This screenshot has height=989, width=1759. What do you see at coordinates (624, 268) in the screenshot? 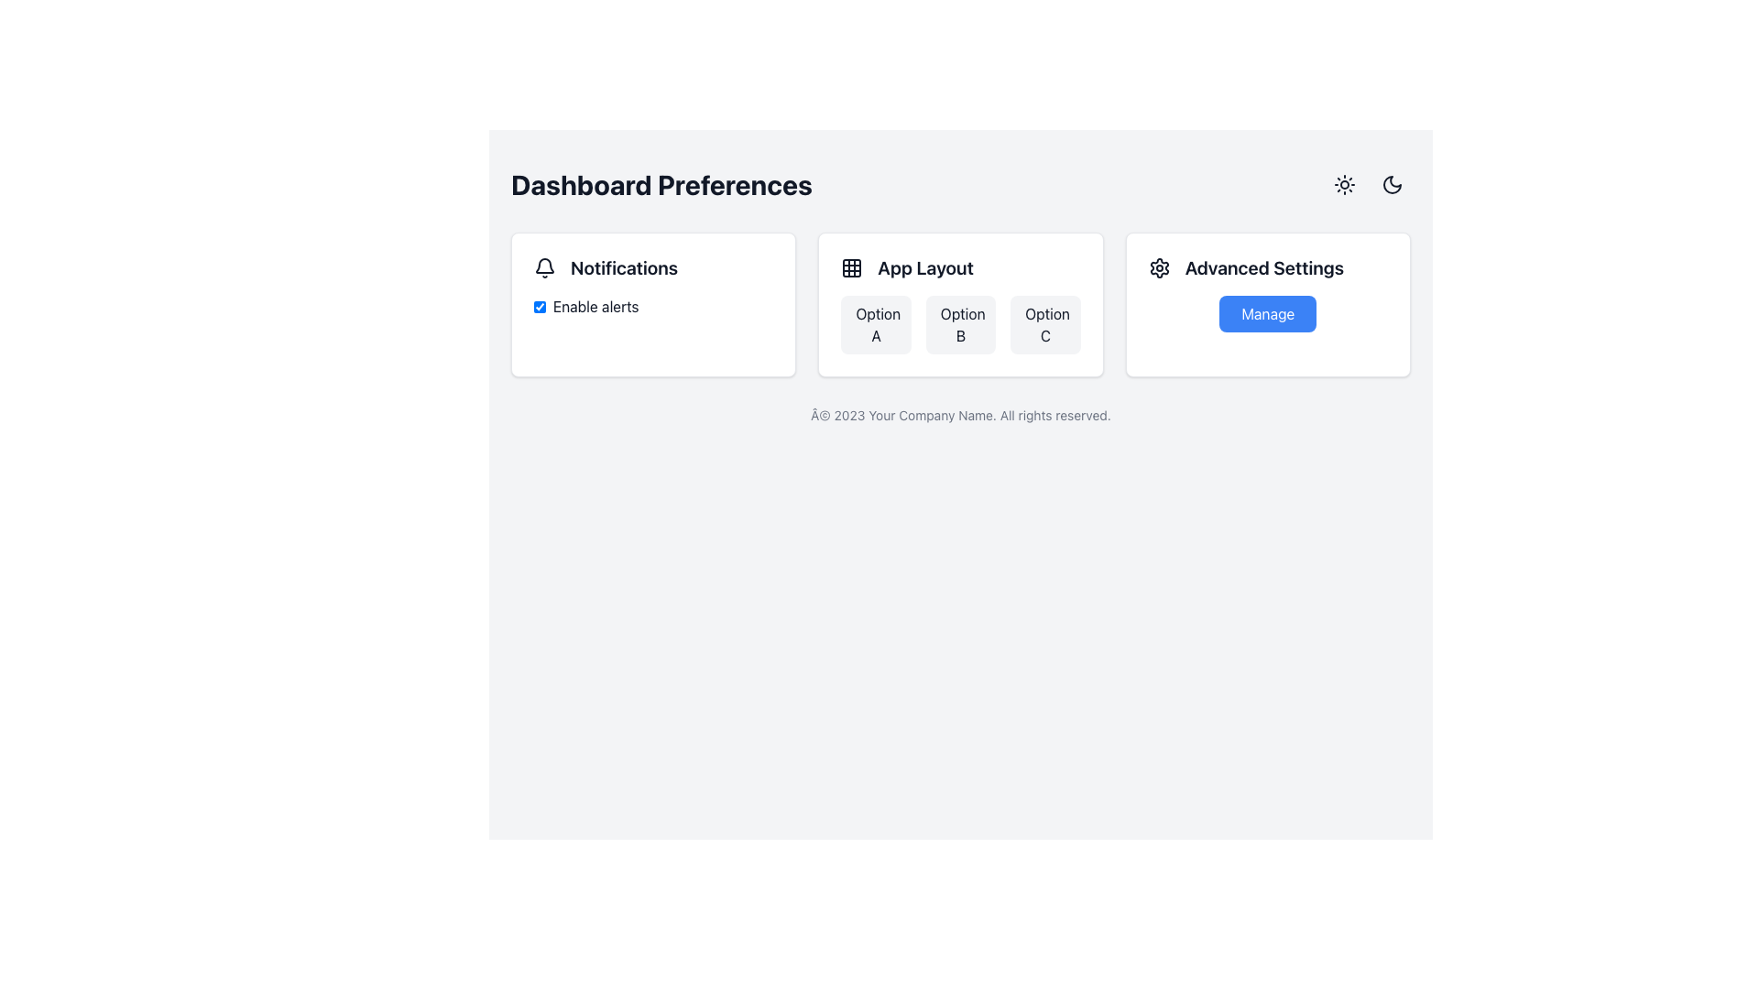
I see `the static text label displaying 'Notifications', which is styled in bold and larger font, located next to a bell icon in the 'Notifications' section` at bounding box center [624, 268].